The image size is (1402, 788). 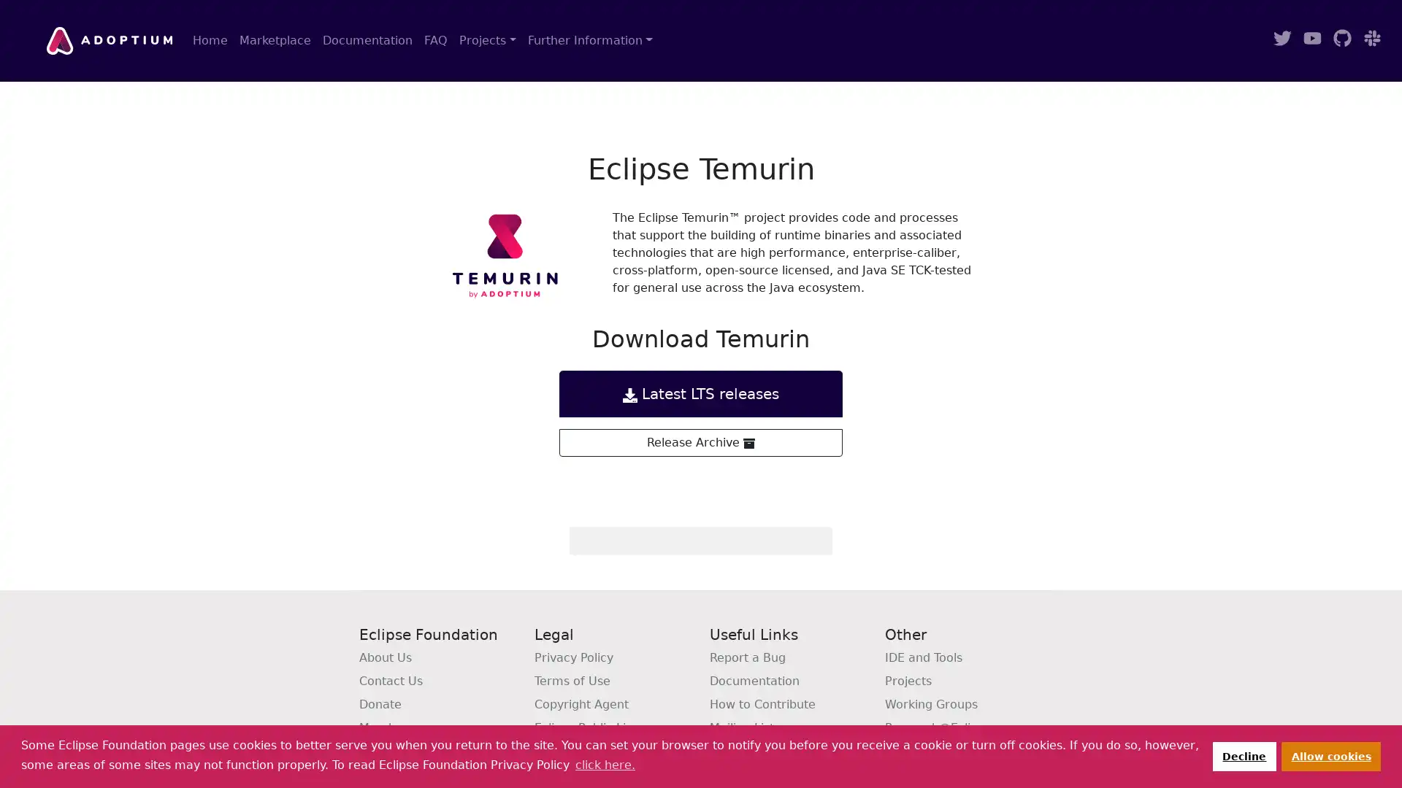 I want to click on allow cookies, so click(x=1331, y=755).